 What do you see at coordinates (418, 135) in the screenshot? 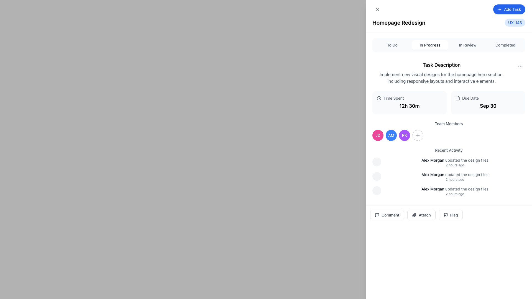
I see `the button used to add a new team member, located under 'Team Members', immediately following the purple avatar with 'RK'` at bounding box center [418, 135].